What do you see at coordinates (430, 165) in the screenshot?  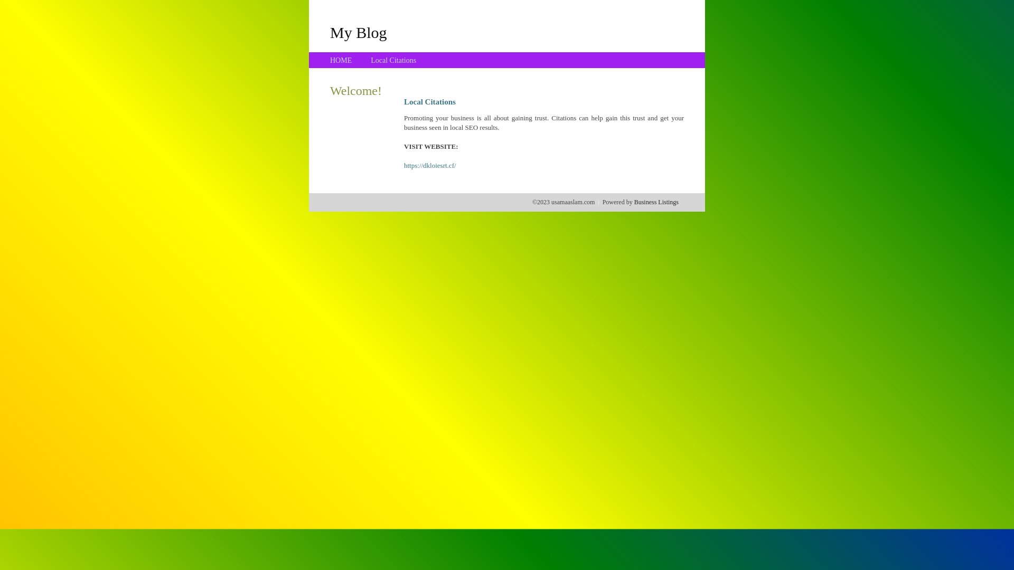 I see `'https://dkloiesrt.cf/'` at bounding box center [430, 165].